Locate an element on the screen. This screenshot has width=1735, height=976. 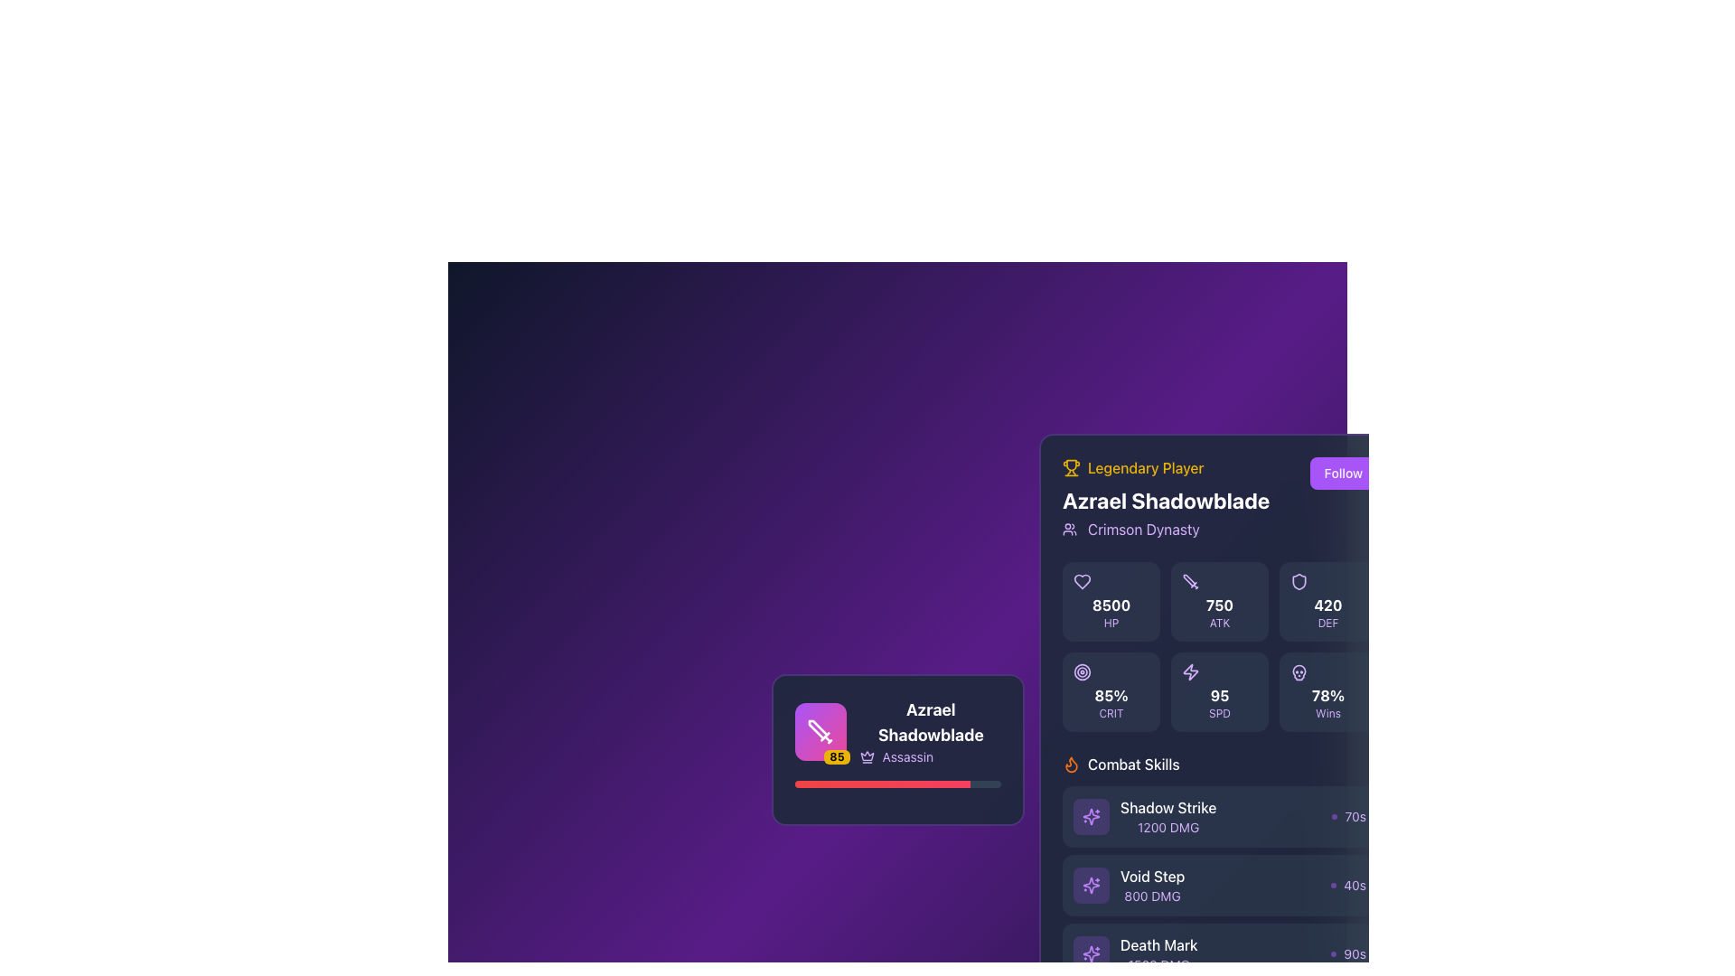
the displayed damage value ('DMG') of 800 for the 'Void Step' ability, which is located in the 'Combat Skills' section, directly below its title is located at coordinates (1151, 896).